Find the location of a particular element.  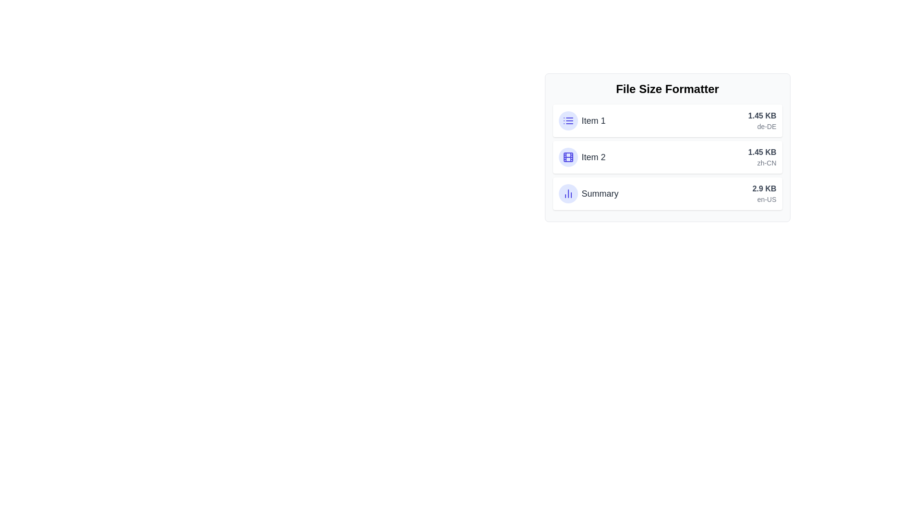

the informational text display showing the file size and locale for 'Item 1', located to the far right of the 'Item 1' section is located at coordinates (762, 120).